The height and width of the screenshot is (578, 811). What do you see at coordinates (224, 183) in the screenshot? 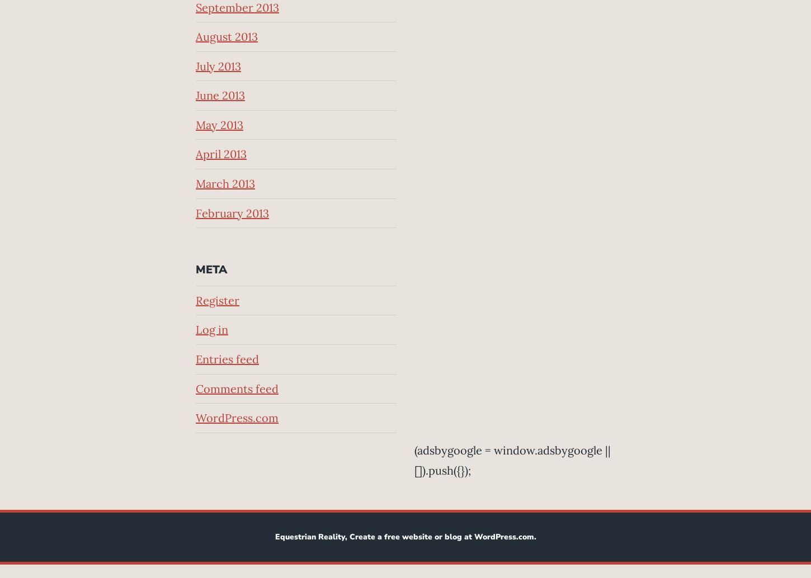
I see `'March 2013'` at bounding box center [224, 183].